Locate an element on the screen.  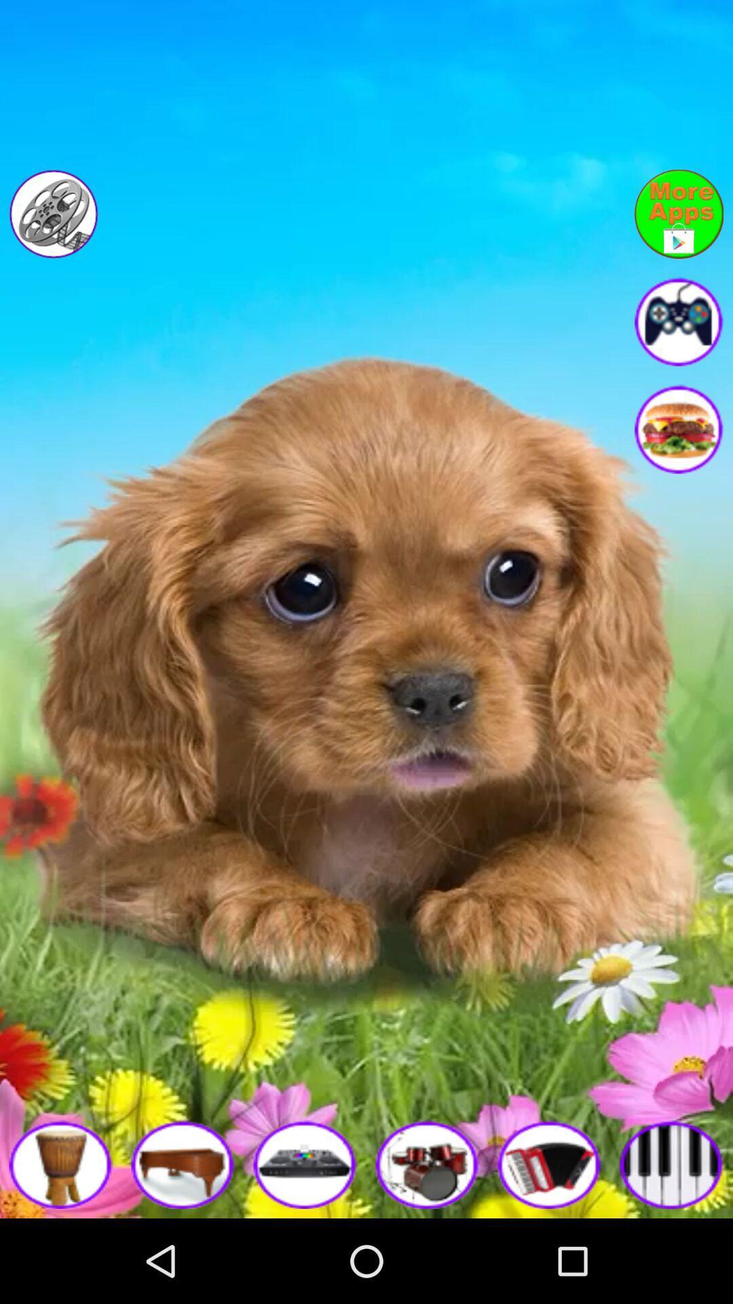
click piano feature is located at coordinates (183, 1163).